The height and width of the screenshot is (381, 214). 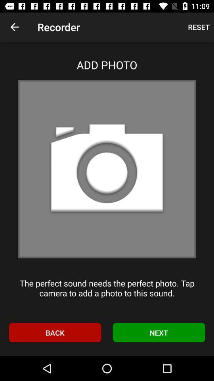 What do you see at coordinates (54, 333) in the screenshot?
I see `the back` at bounding box center [54, 333].